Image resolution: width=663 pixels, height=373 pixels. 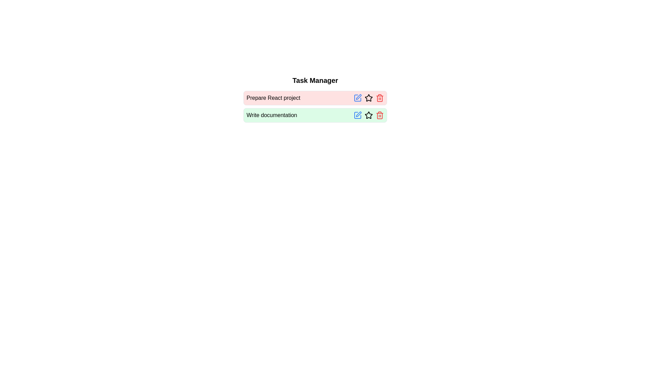 What do you see at coordinates (368, 115) in the screenshot?
I see `the second star icon used for task prioritization in the 'Write documentation' section` at bounding box center [368, 115].